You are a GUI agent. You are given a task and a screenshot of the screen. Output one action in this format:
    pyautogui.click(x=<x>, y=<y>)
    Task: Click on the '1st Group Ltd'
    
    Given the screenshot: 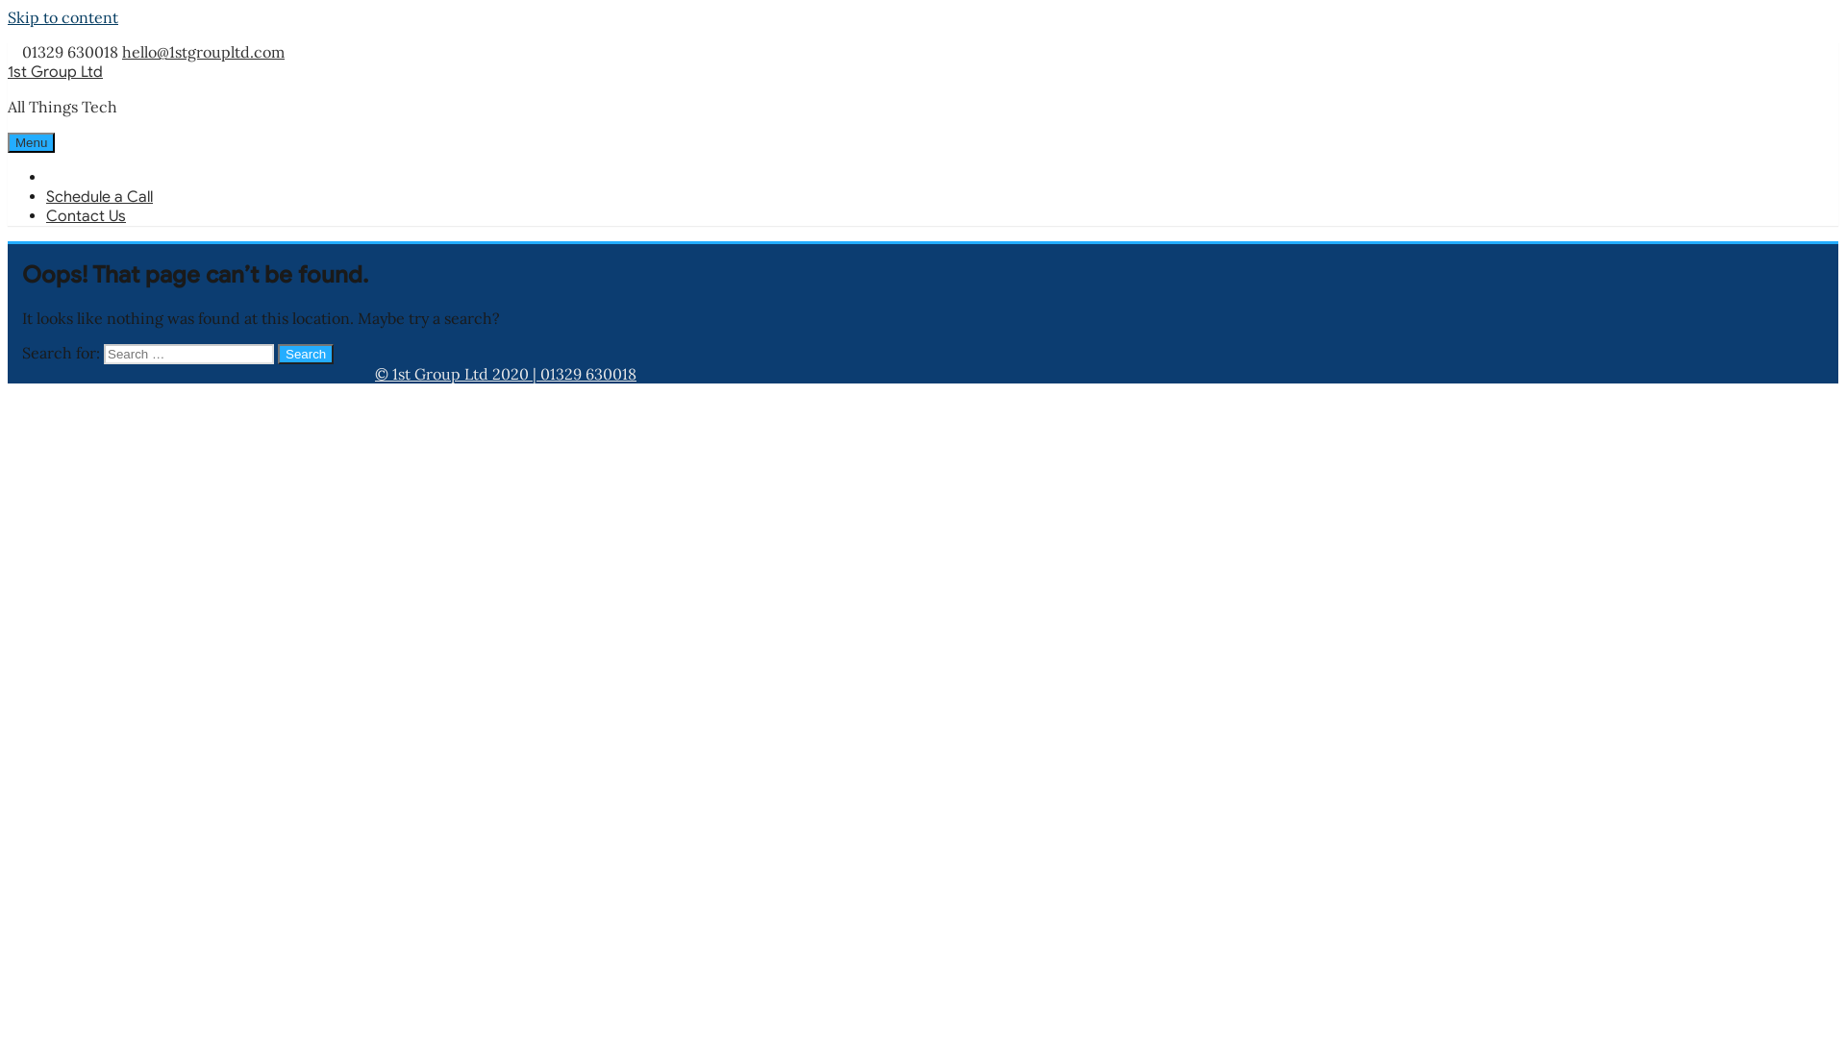 What is the action you would take?
    pyautogui.click(x=55, y=70)
    